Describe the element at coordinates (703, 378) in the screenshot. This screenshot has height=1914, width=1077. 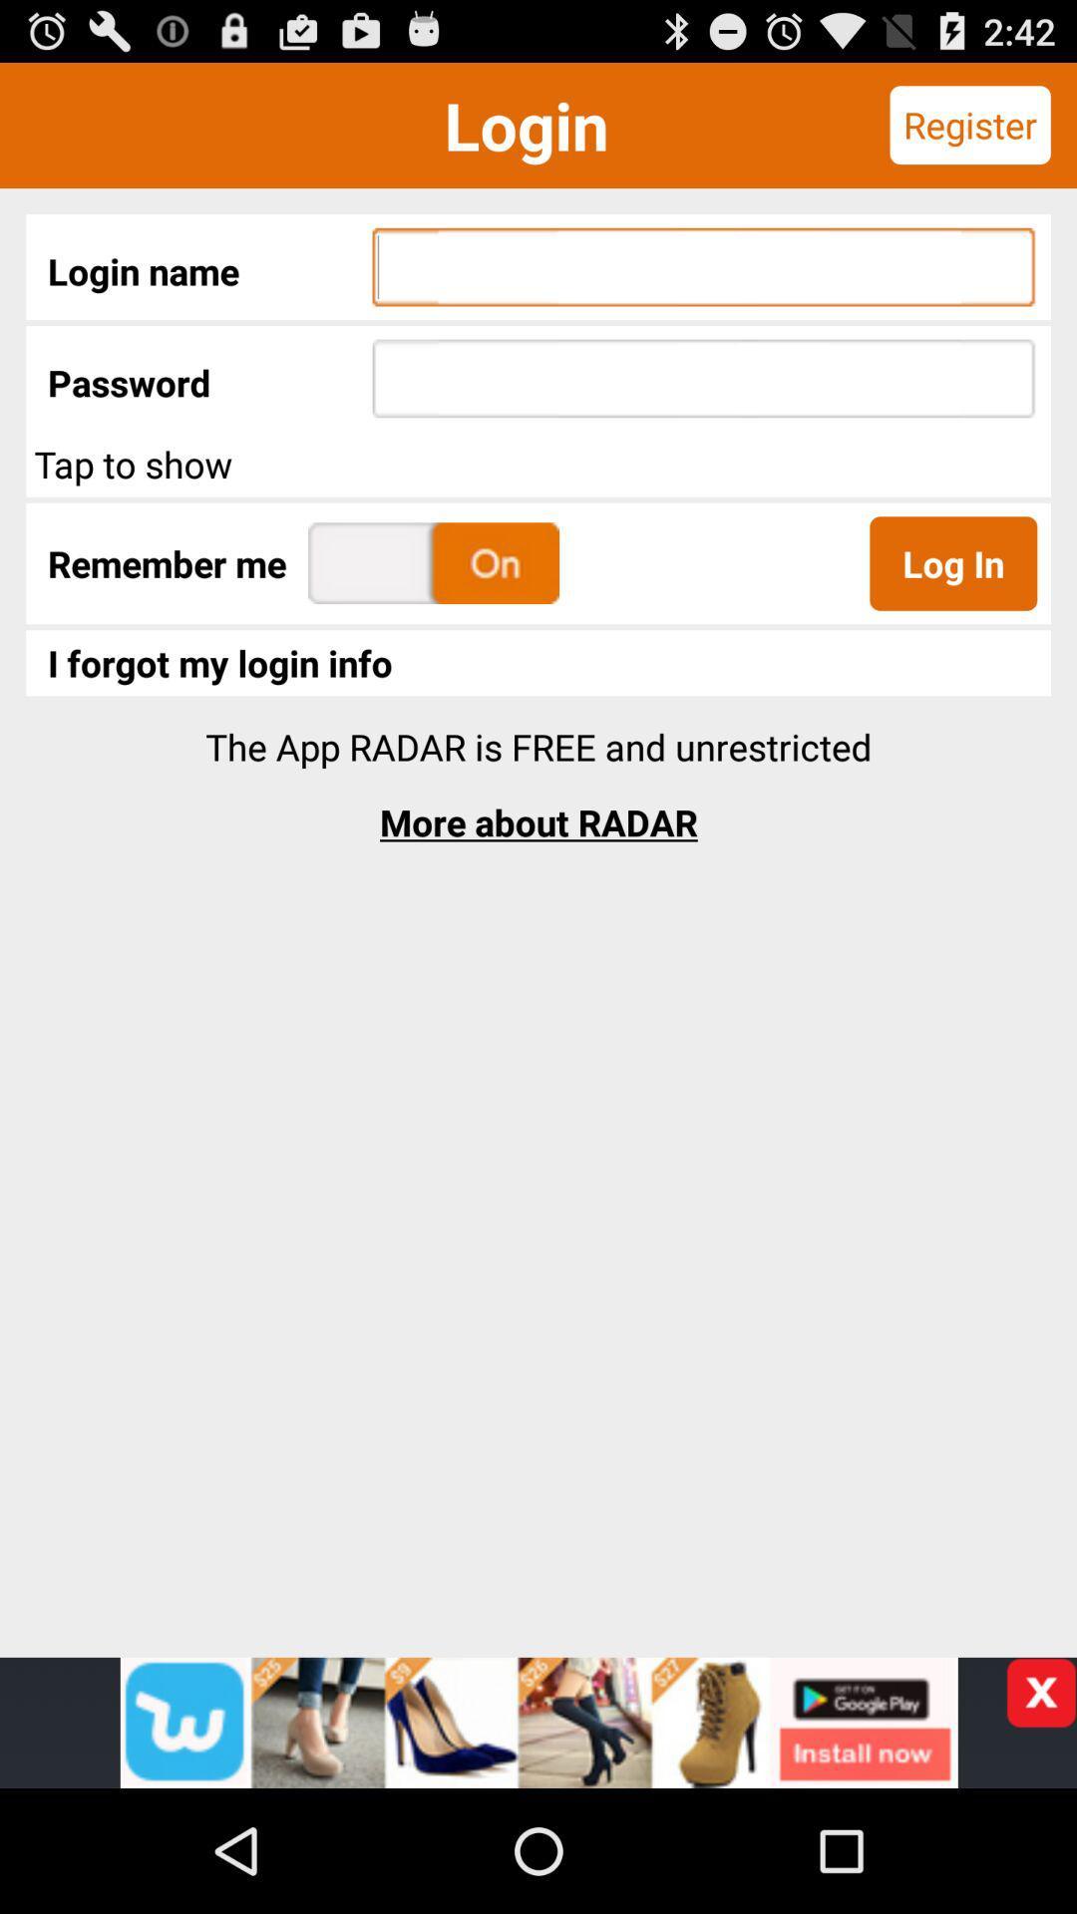
I see `the text field next to password` at that location.